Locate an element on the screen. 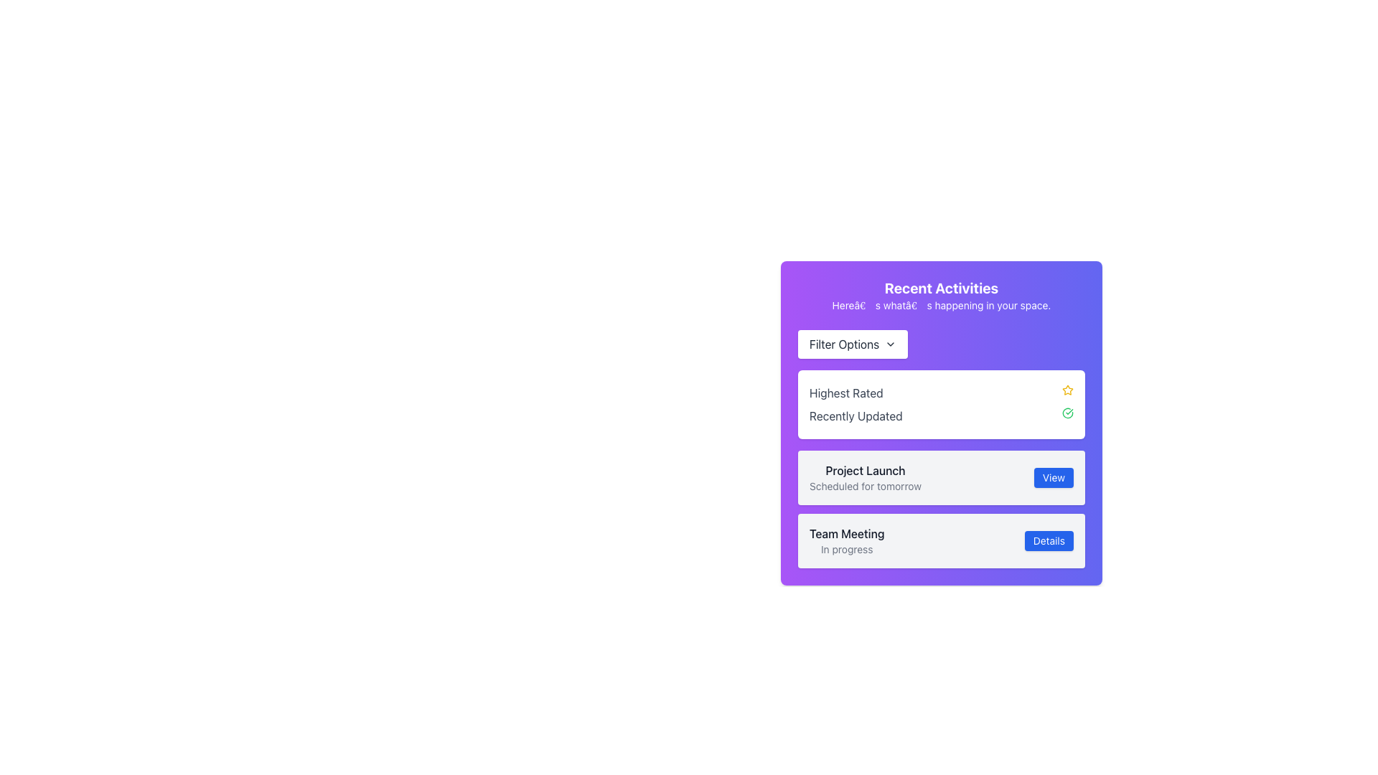 The height and width of the screenshot is (775, 1378). the non-interactive vector graphic icon located at the top-right corner of the 'Highest Rated' card in the 'Recent Activities' section of the dashboard is located at coordinates (1068, 413).